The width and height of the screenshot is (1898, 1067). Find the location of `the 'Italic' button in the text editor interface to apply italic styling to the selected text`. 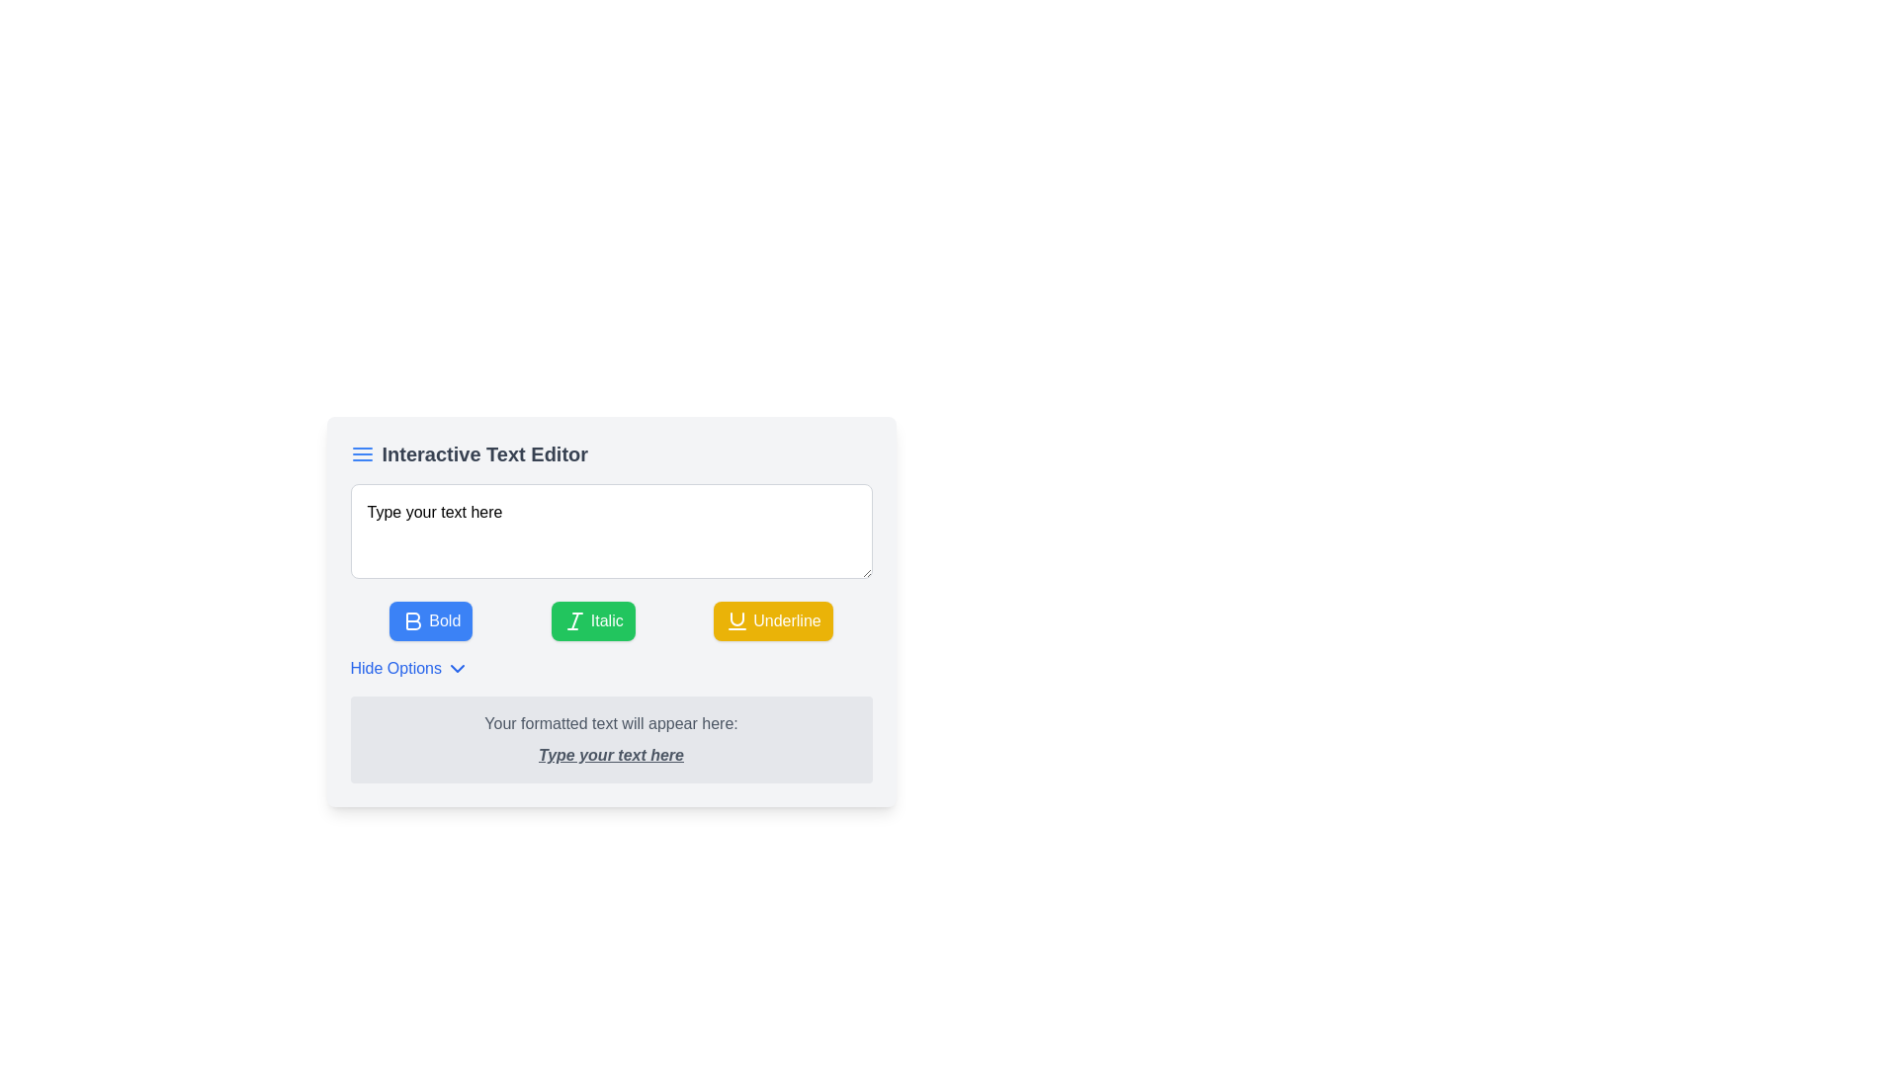

the 'Italic' button in the text editor interface to apply italic styling to the selected text is located at coordinates (610, 623).